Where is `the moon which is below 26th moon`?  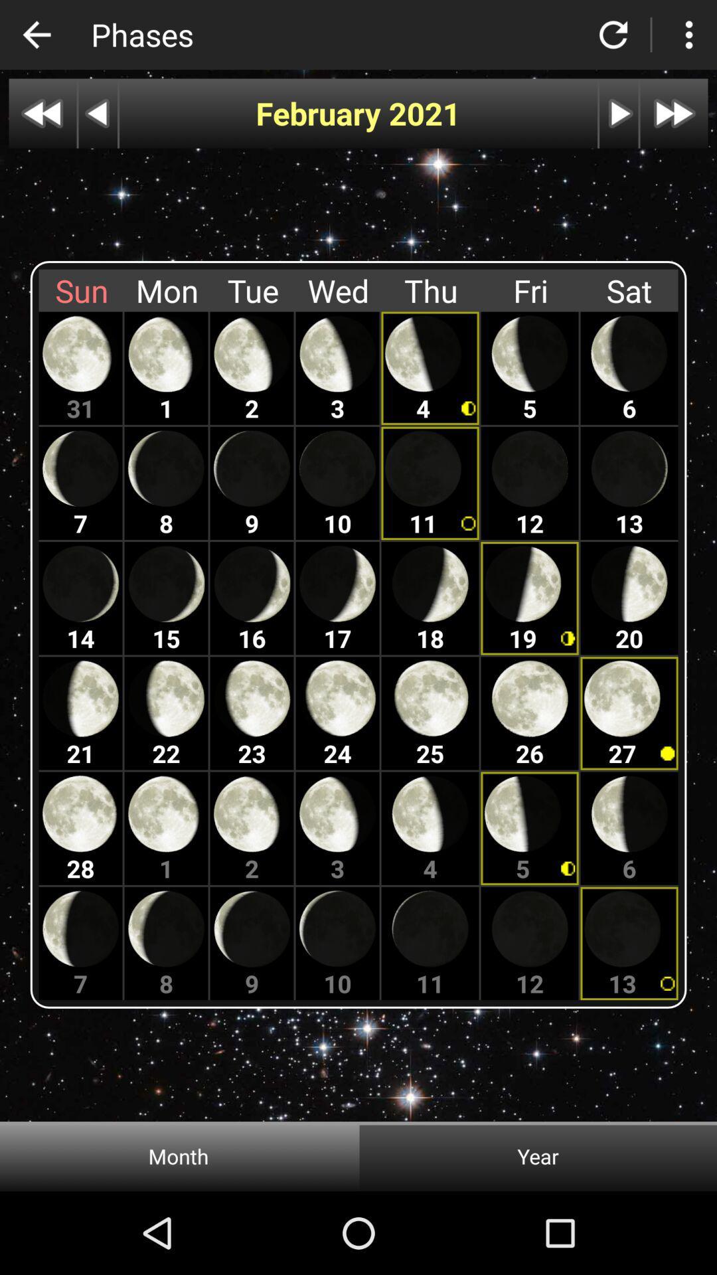
the moon which is below 26th moon is located at coordinates (529, 828).